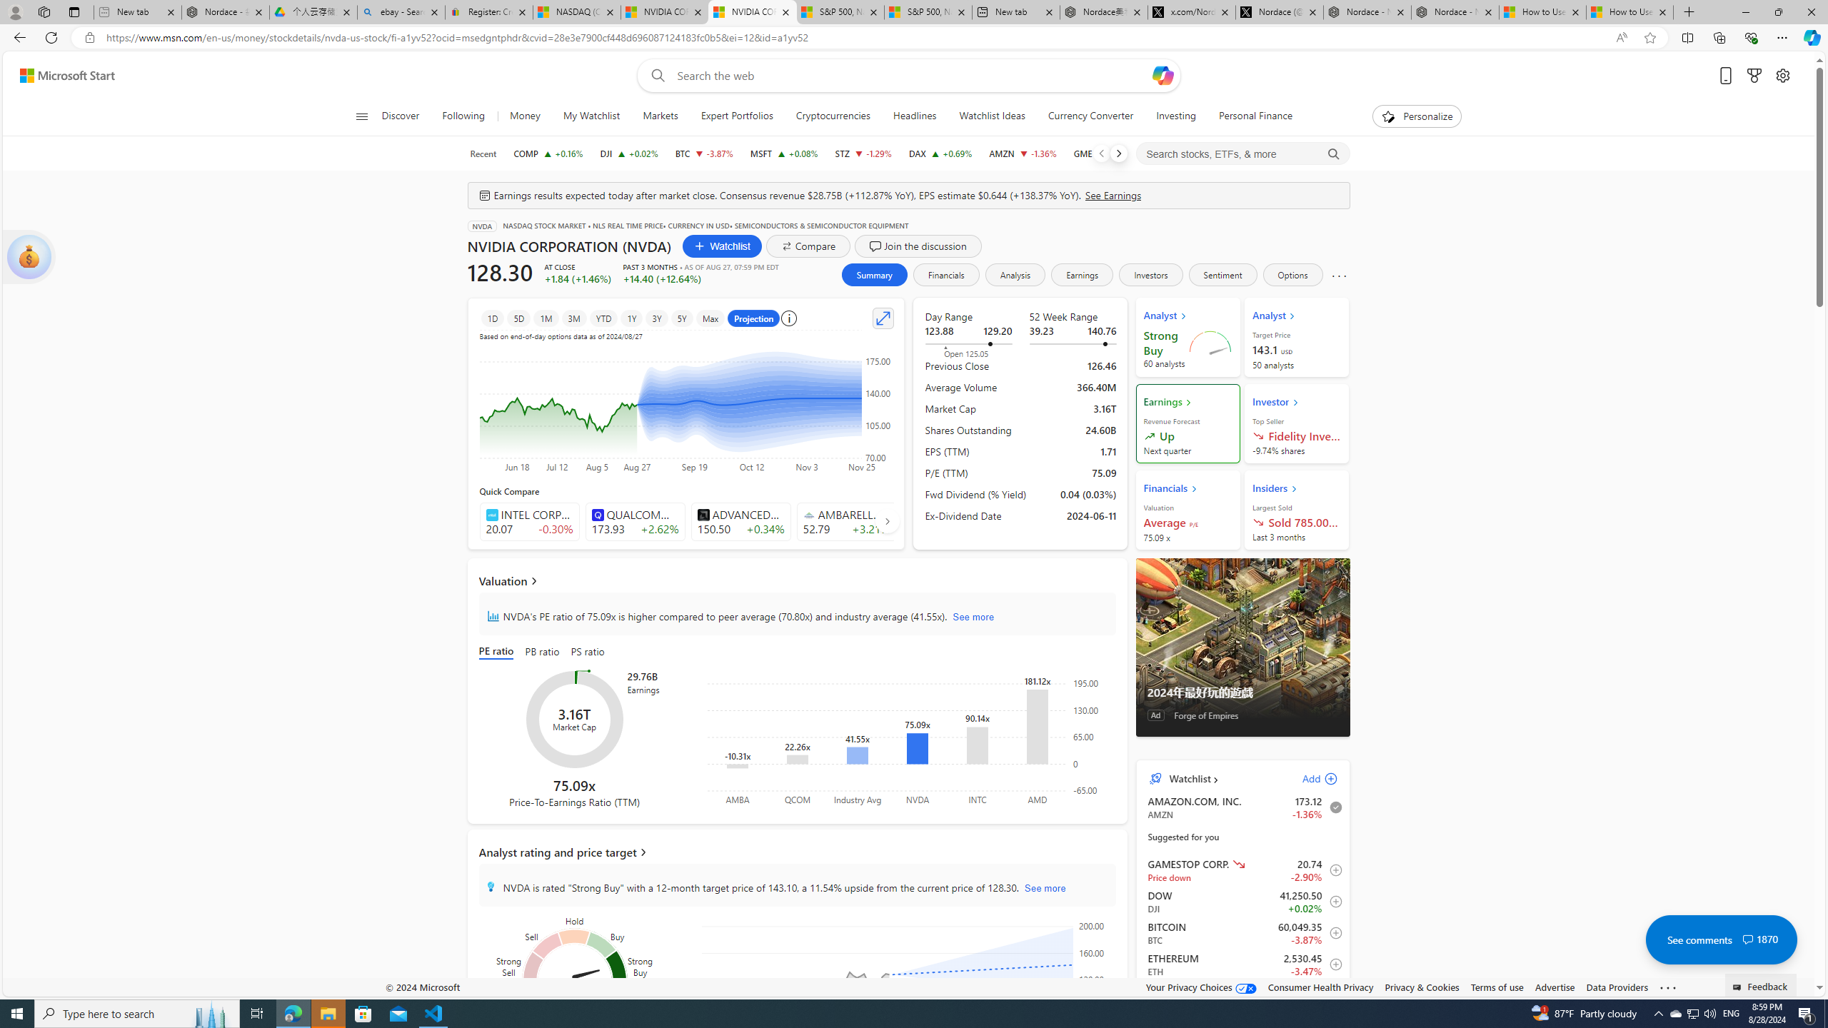 The height and width of the screenshot is (1028, 1828). What do you see at coordinates (753, 317) in the screenshot?
I see `'Projection'` at bounding box center [753, 317].